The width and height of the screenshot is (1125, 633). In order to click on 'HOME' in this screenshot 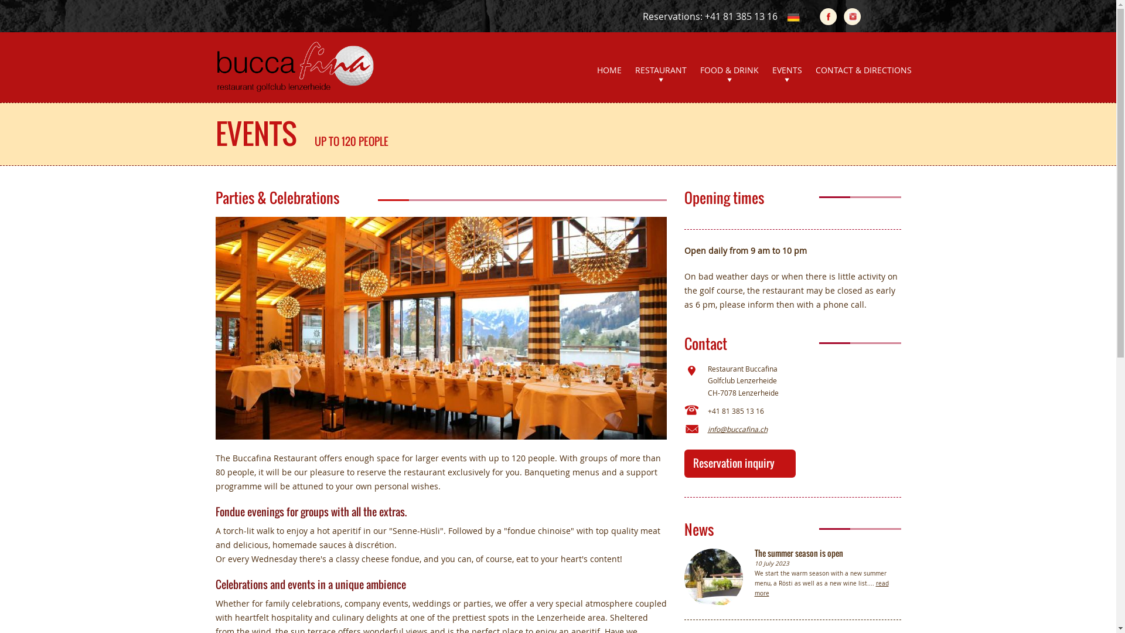, I will do `click(608, 76)`.